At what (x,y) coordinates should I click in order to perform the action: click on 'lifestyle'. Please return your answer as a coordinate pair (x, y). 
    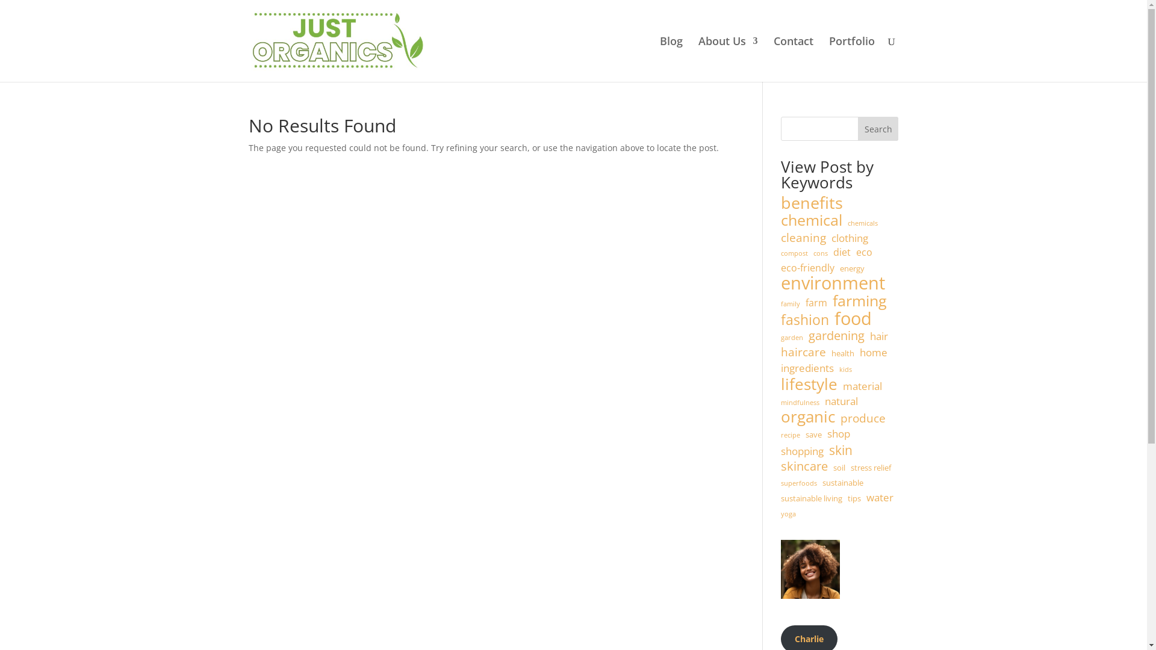
    Looking at the image, I should click on (809, 385).